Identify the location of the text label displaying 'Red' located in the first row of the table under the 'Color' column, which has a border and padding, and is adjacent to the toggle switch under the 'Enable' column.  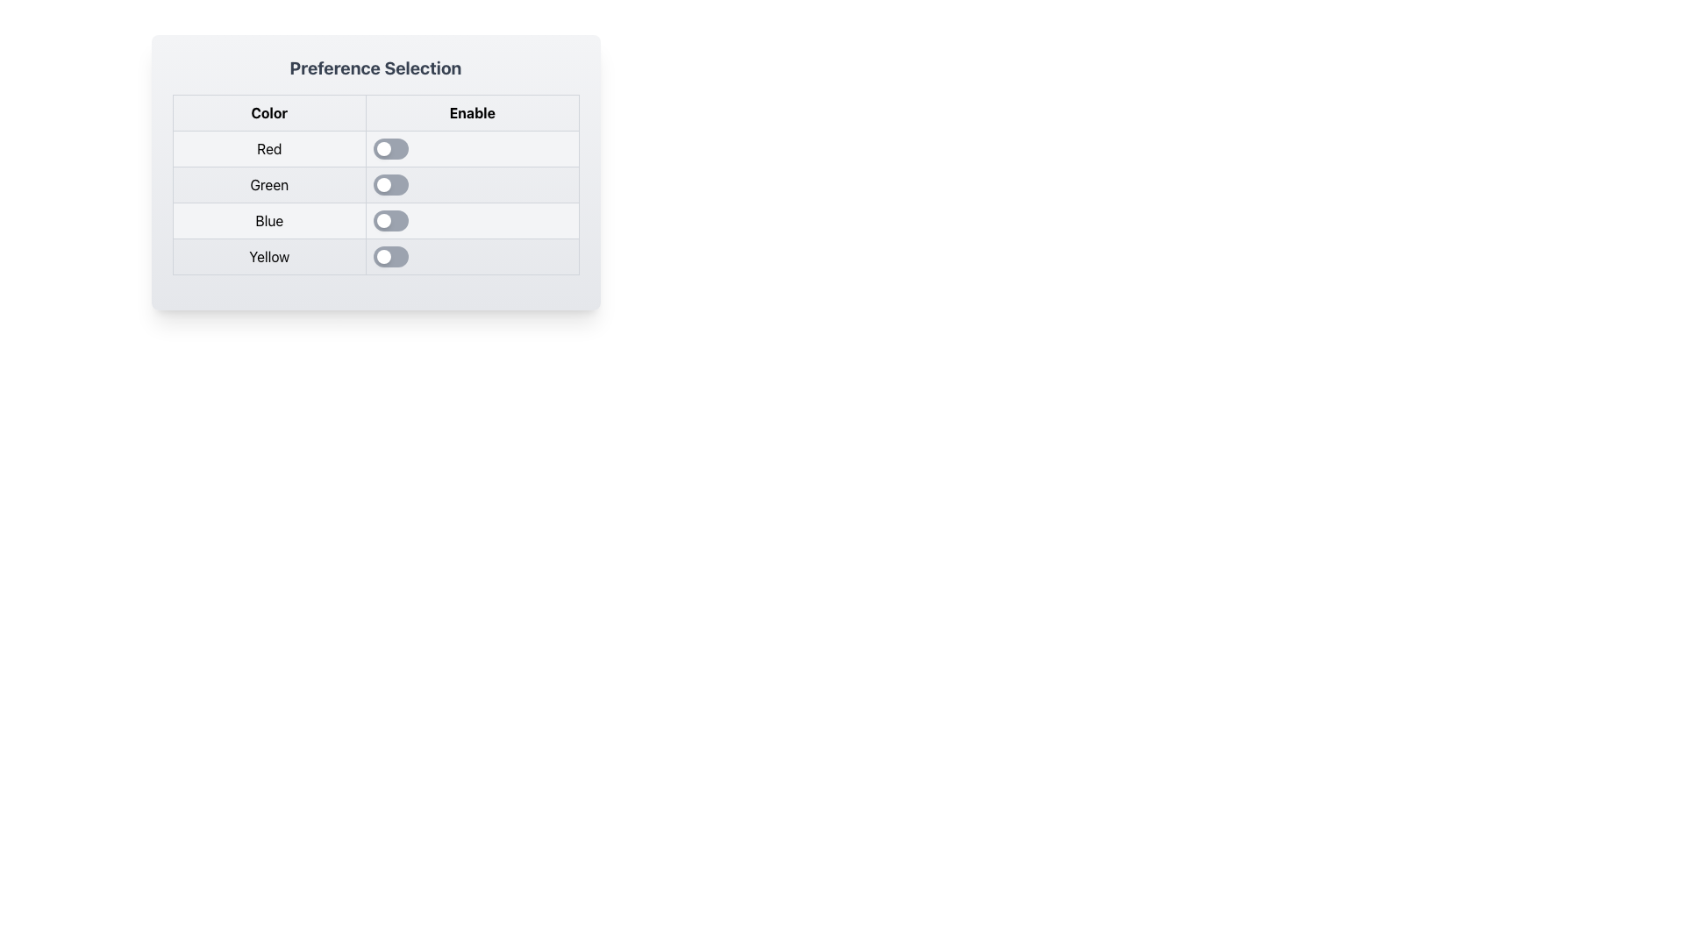
(268, 147).